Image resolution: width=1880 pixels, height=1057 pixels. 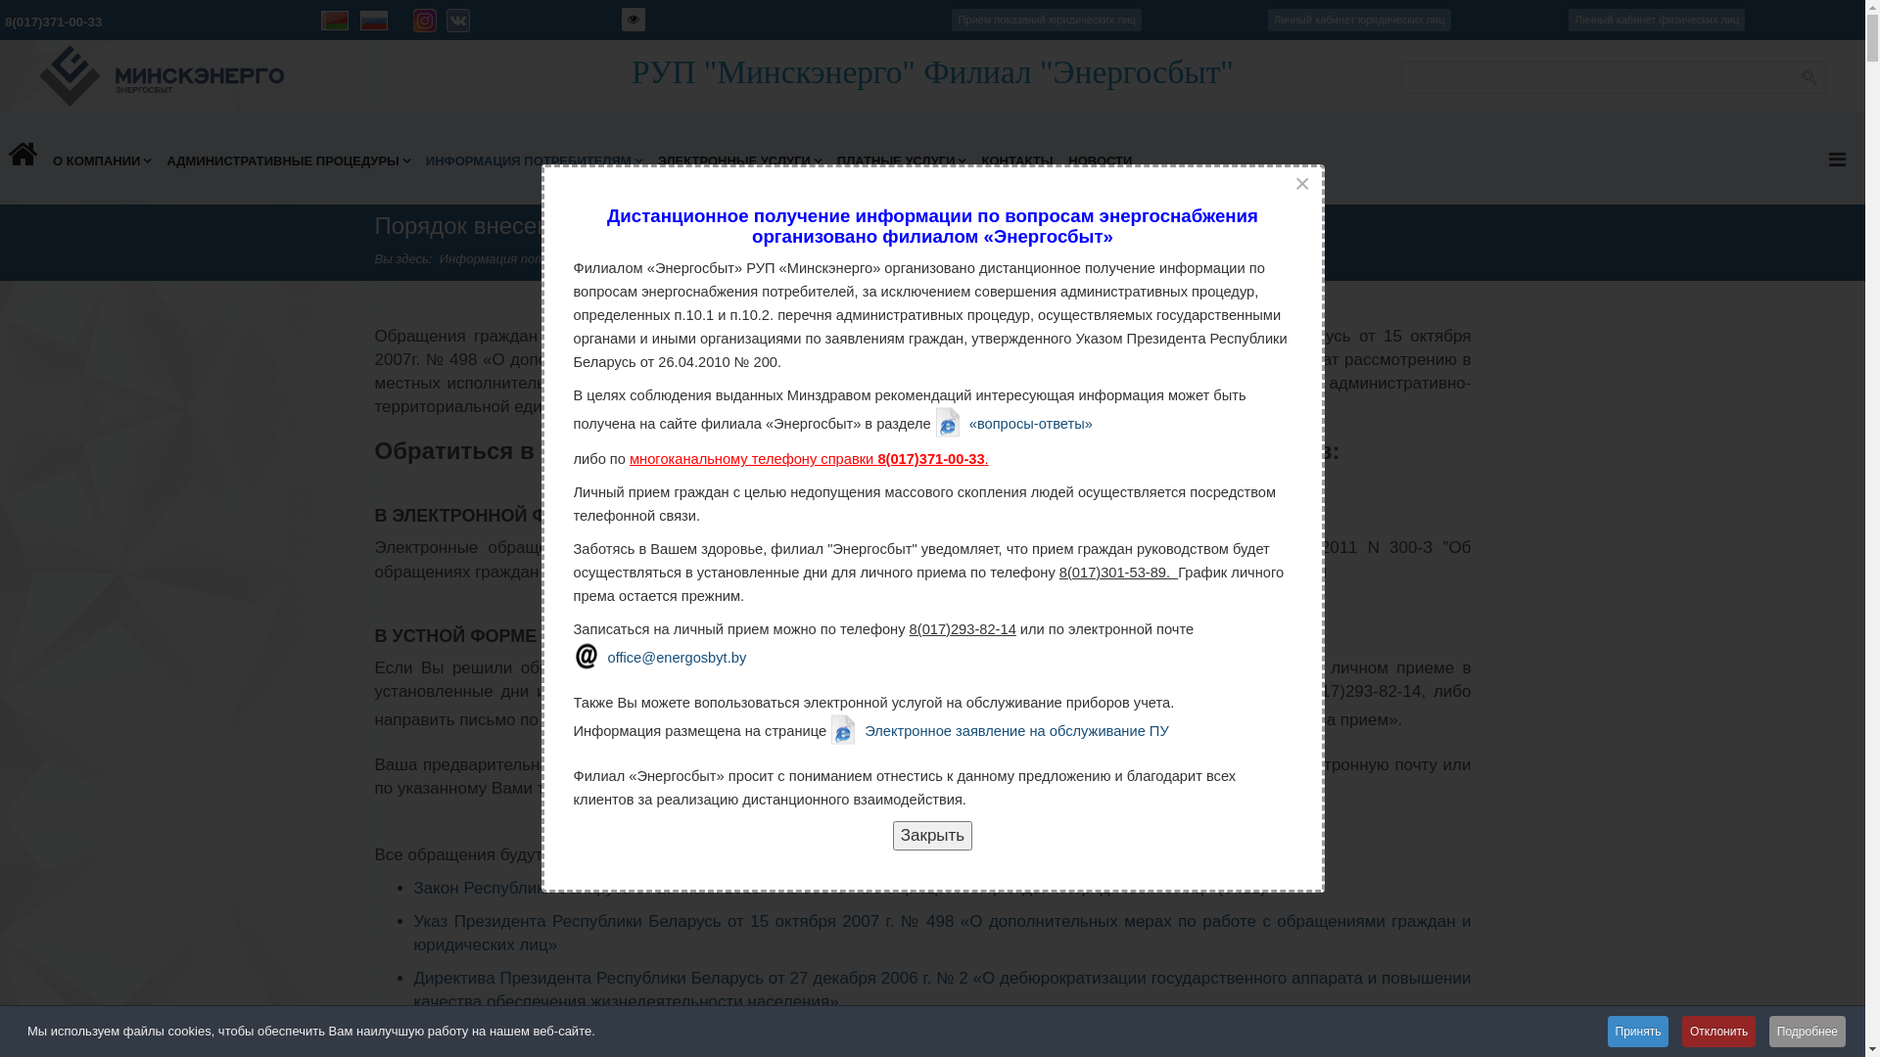 I want to click on 'office@energosbyt.by', so click(x=660, y=656).